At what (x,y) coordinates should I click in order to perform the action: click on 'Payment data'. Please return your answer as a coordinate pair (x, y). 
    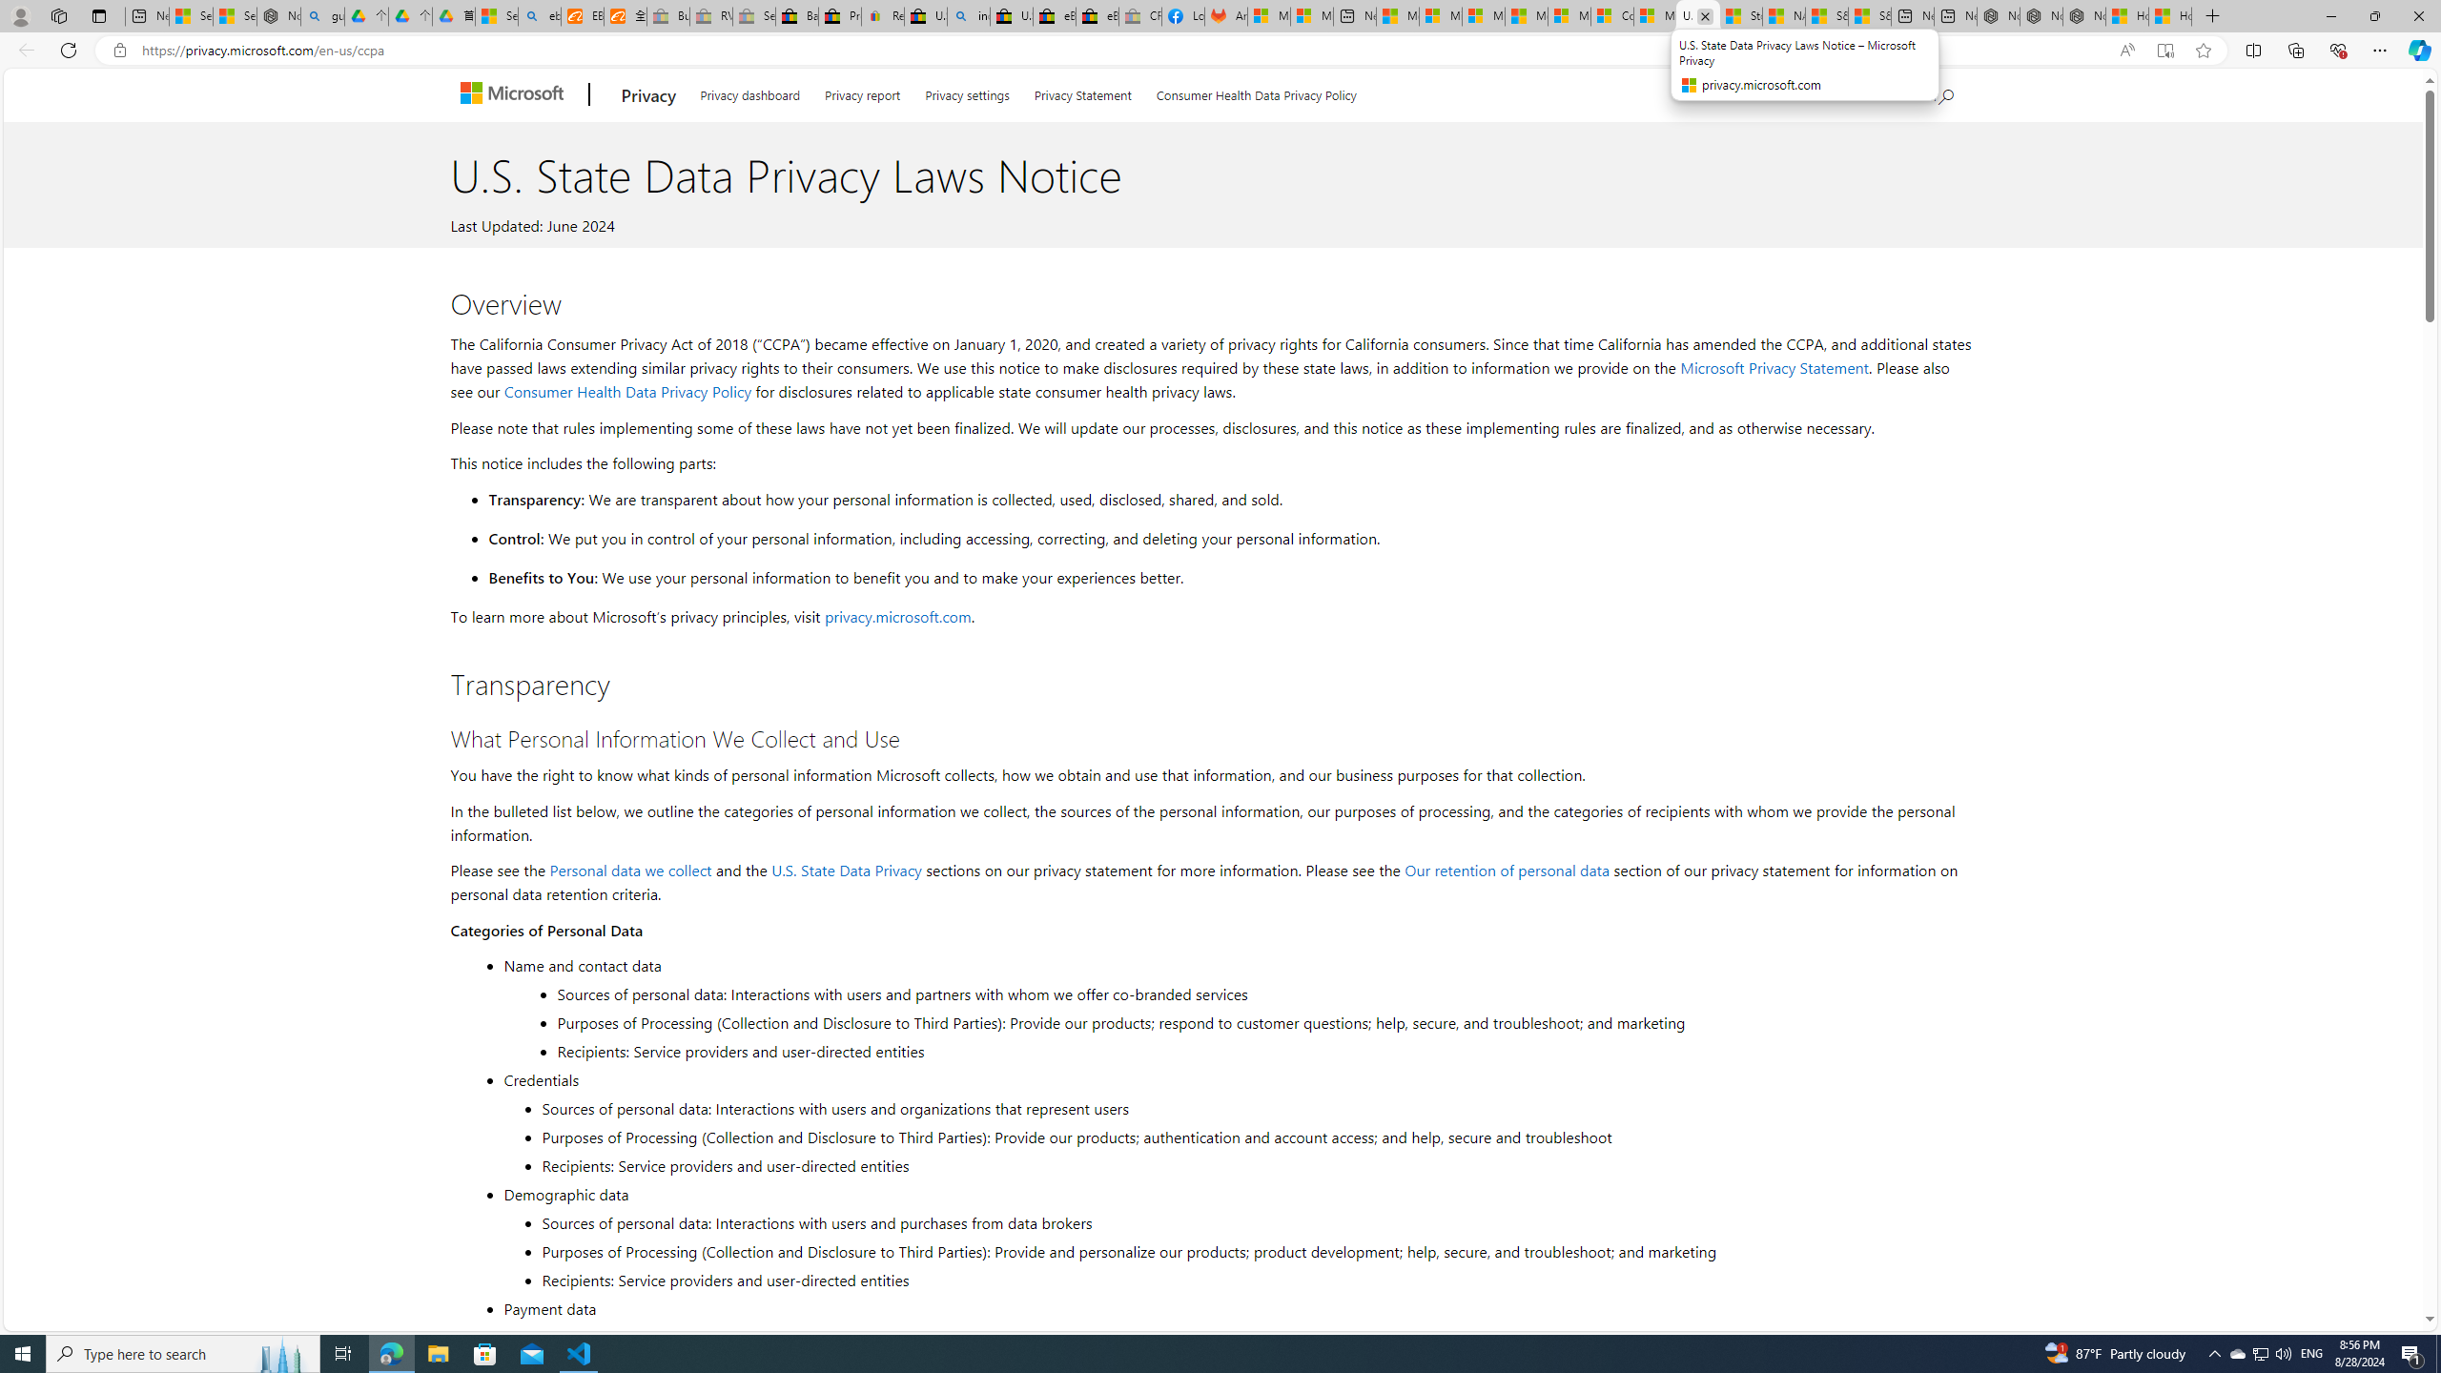
    Looking at the image, I should click on (1235, 1307).